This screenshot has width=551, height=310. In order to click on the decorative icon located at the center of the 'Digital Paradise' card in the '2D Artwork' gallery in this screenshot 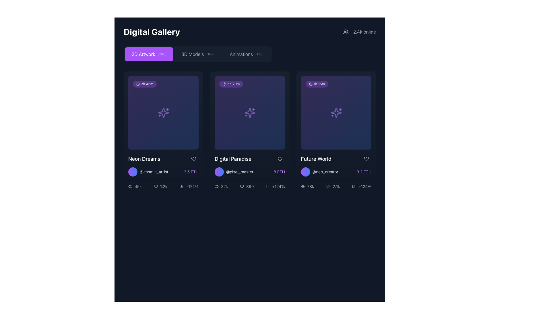, I will do `click(250, 113)`.